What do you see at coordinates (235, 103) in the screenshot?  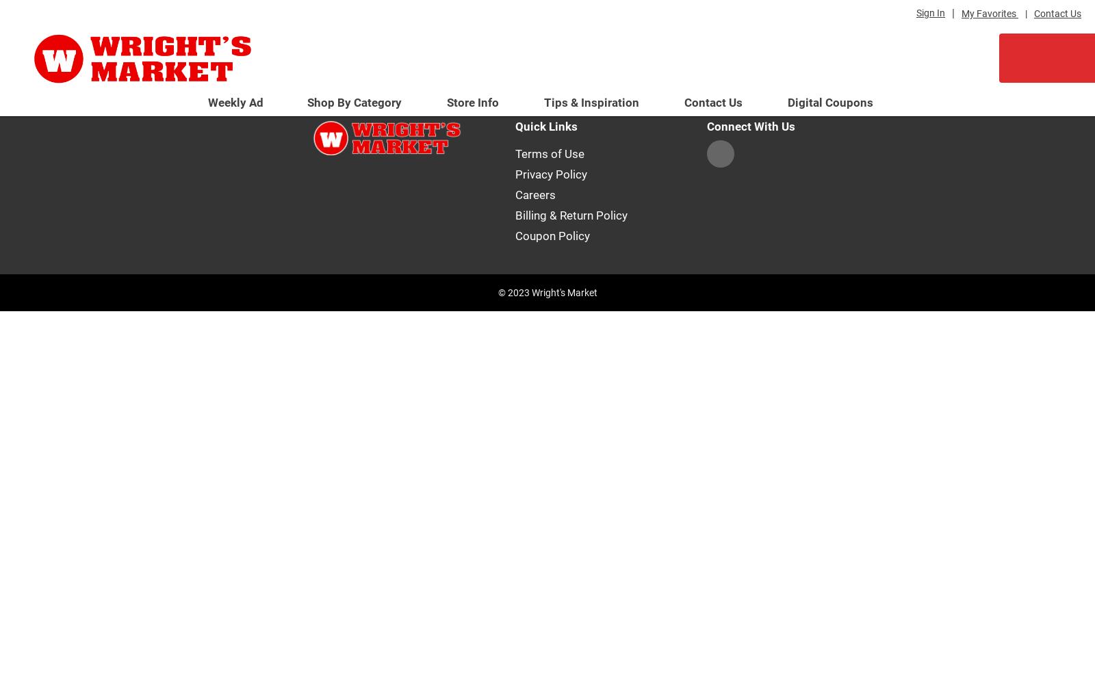 I see `'Weekly Ad'` at bounding box center [235, 103].